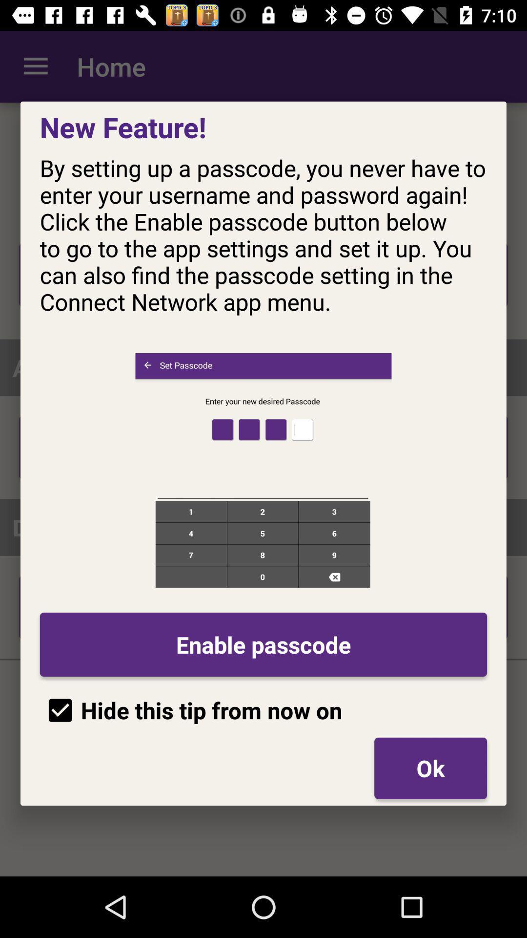  Describe the element at coordinates (191, 710) in the screenshot. I see `icon below enable passcode` at that location.